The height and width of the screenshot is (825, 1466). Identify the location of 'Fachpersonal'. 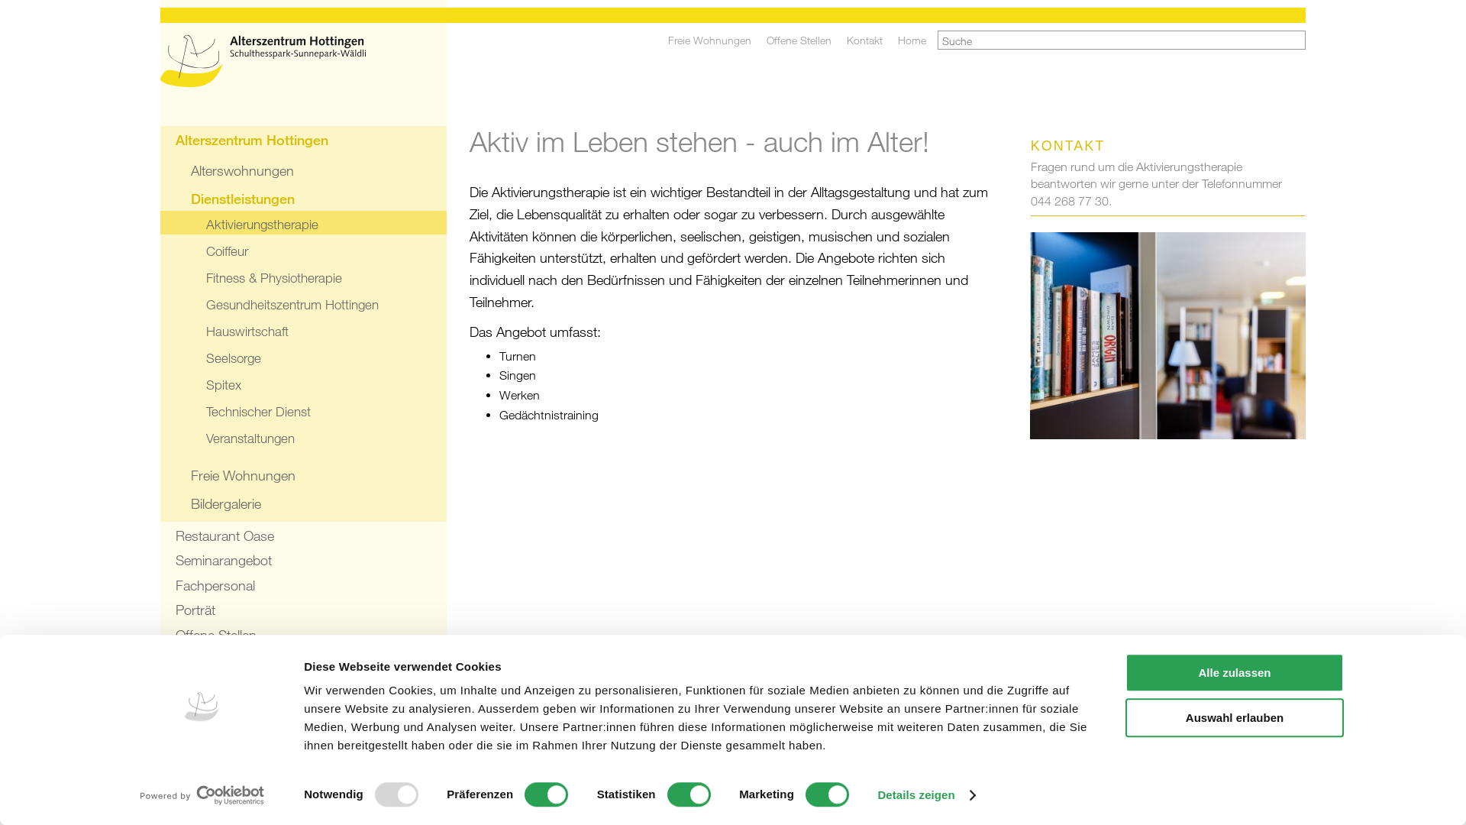
(303, 584).